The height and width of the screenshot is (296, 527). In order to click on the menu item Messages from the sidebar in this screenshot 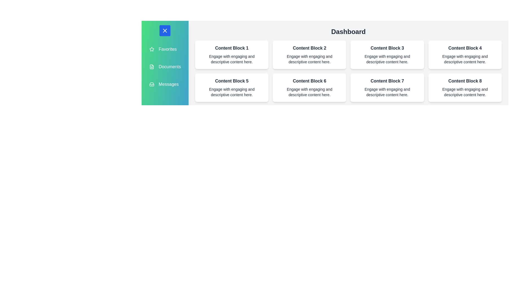, I will do `click(164, 84)`.